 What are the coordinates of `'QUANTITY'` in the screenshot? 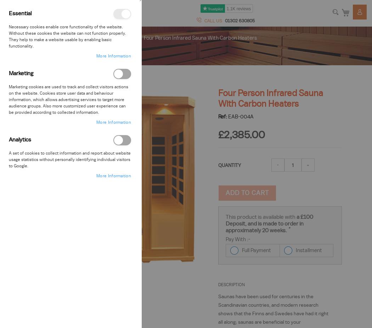 It's located at (229, 165).